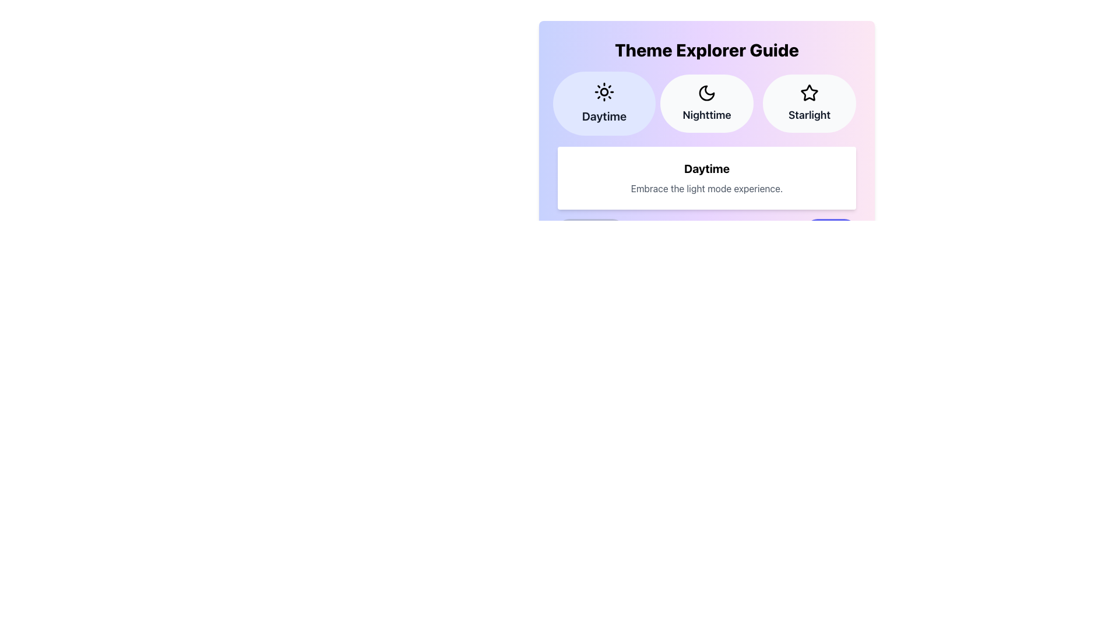  I want to click on the 'Nighttime' mode button located at the top center of the interface, so click(706, 103).